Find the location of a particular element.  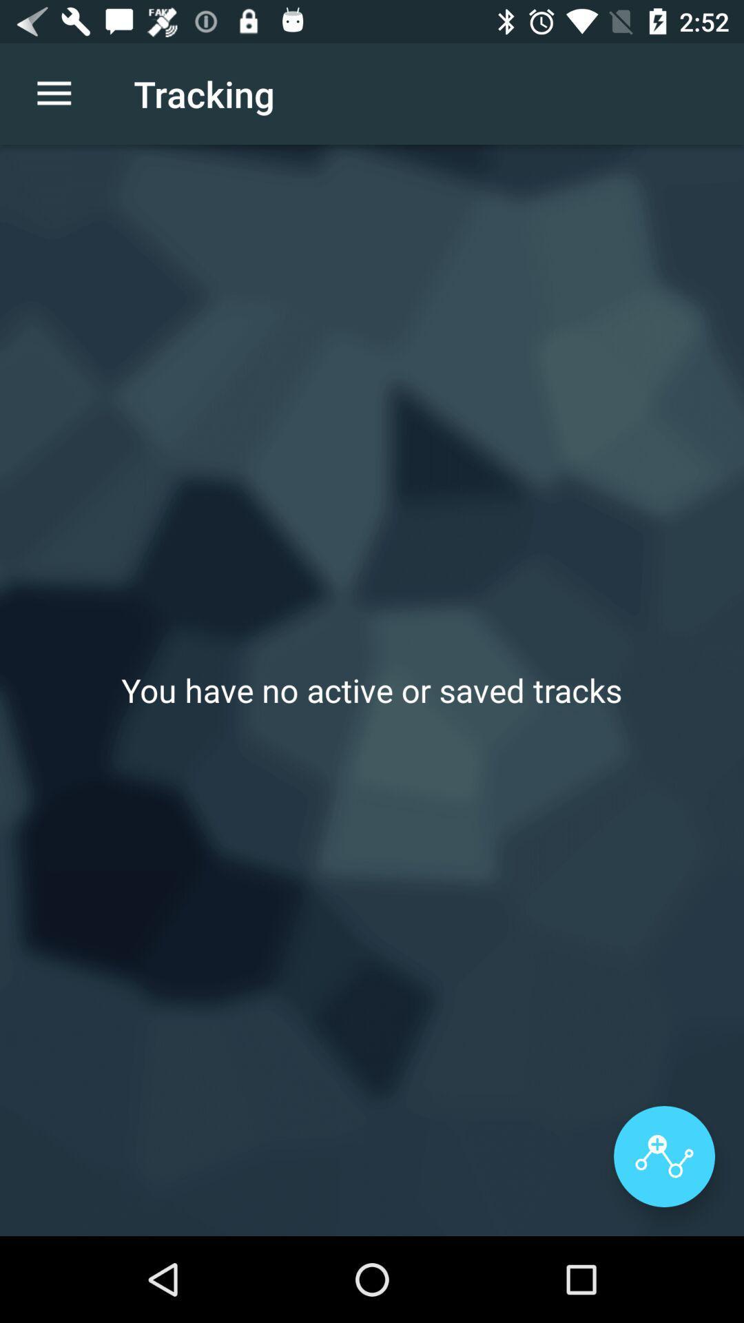

the item below you have no is located at coordinates (663, 1156).